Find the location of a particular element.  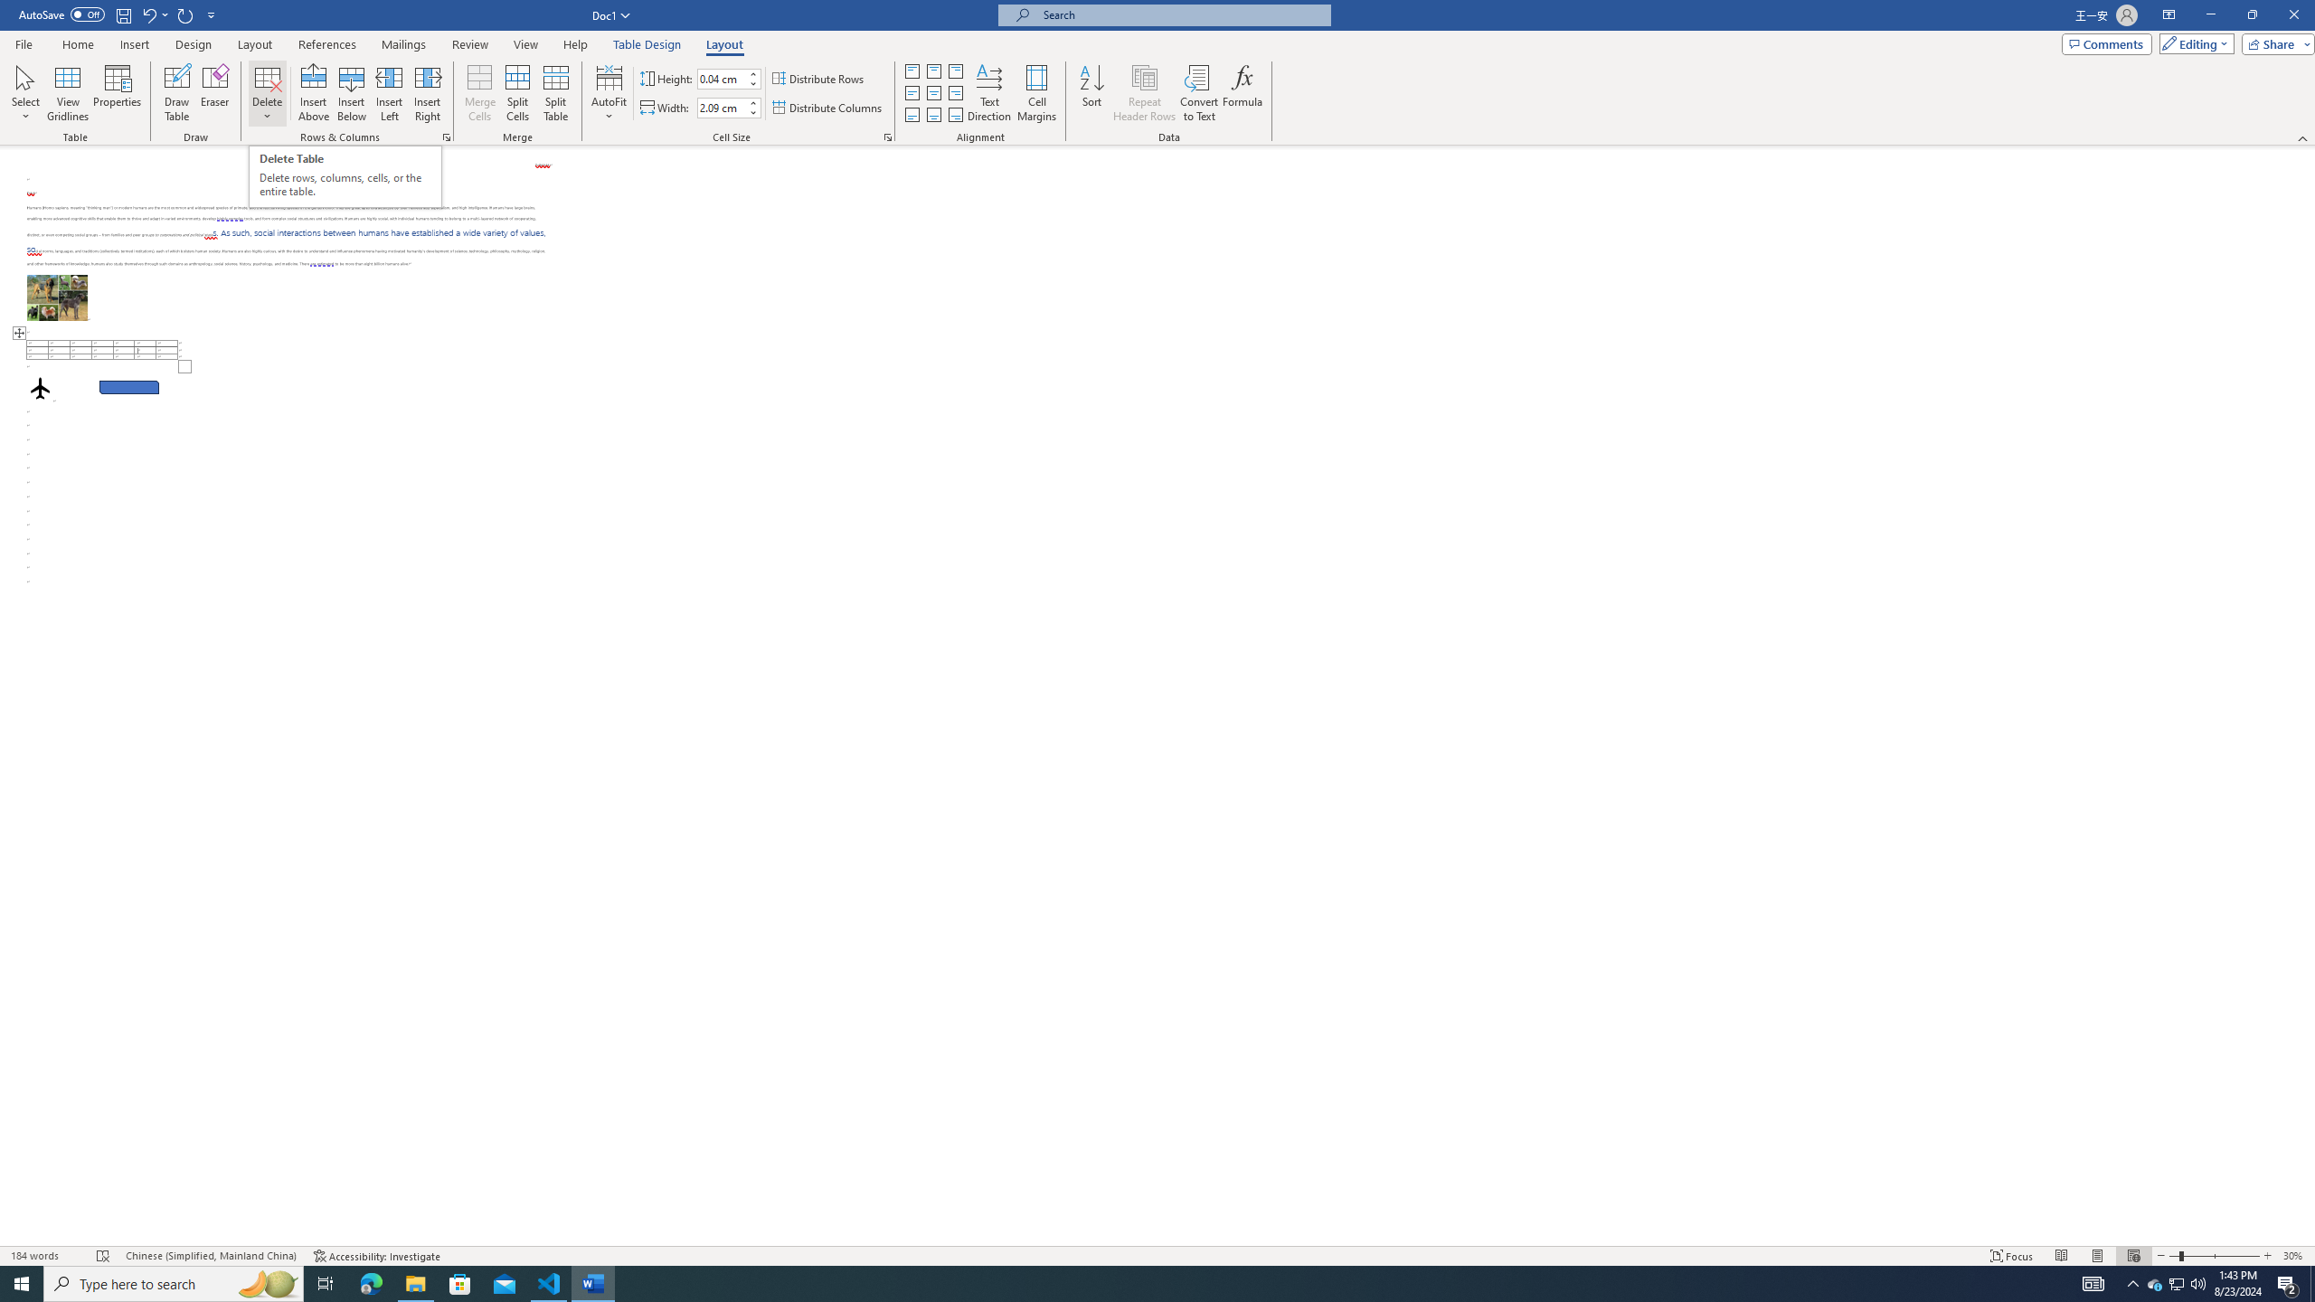

'Airplane with solid fill' is located at coordinates (40, 387).